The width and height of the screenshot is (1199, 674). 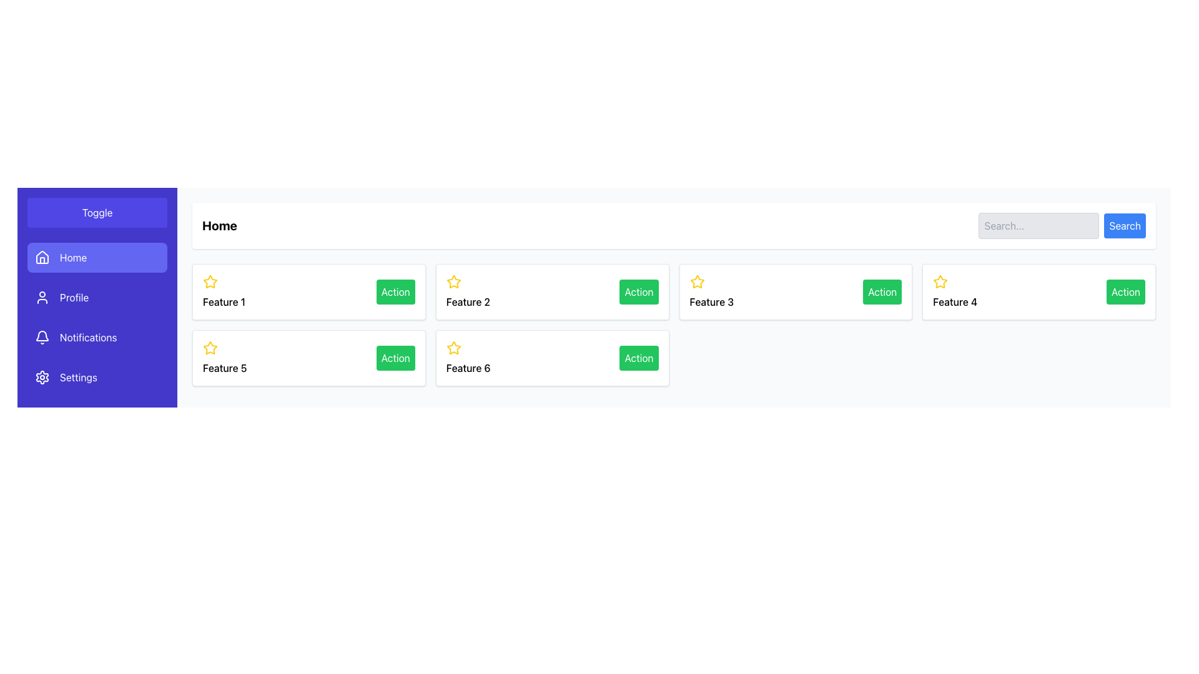 I want to click on the Star icon located next to the text 'Feature 3', which indicates a rating or priority, so click(x=696, y=281).